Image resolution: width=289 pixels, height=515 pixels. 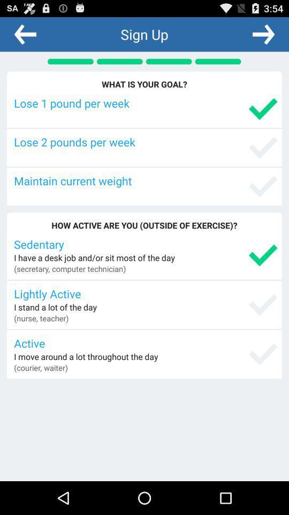 What do you see at coordinates (70, 268) in the screenshot?
I see `the icon below i have a app` at bounding box center [70, 268].